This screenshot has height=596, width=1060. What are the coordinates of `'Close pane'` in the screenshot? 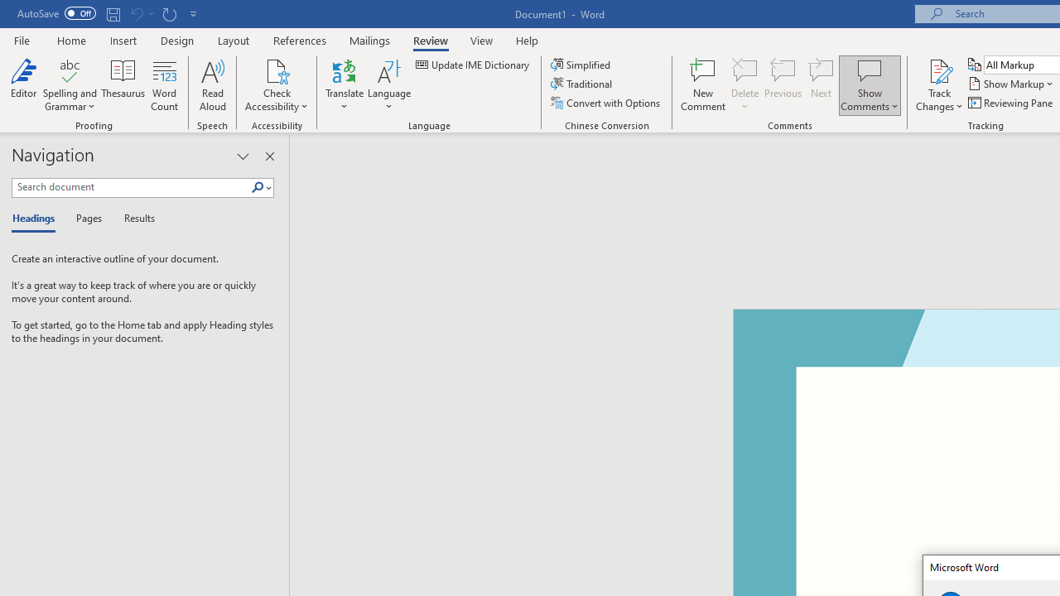 It's located at (269, 156).